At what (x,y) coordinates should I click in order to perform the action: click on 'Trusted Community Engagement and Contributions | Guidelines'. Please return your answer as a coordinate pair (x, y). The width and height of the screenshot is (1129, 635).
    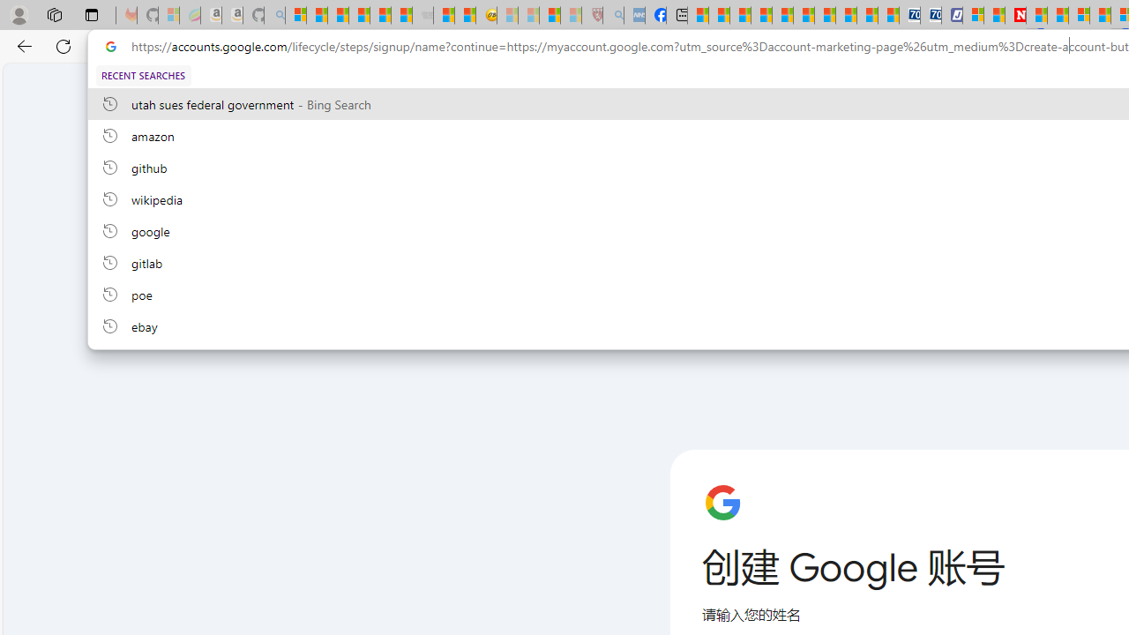
    Looking at the image, I should click on (1036, 15).